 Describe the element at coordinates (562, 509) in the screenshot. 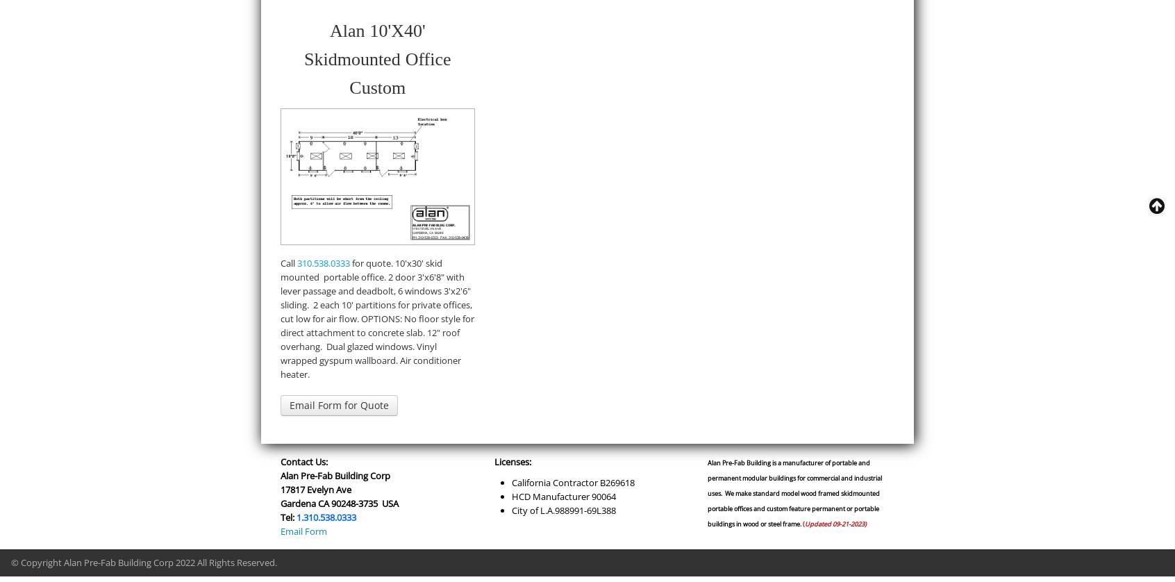

I see `'City of L.A.988991-69L388'` at that location.